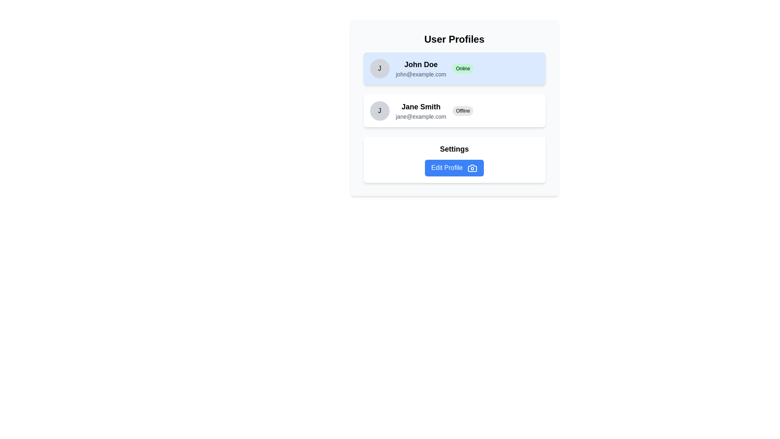 This screenshot has width=780, height=439. Describe the element at coordinates (421, 64) in the screenshot. I see `the text label displaying the user's name, which is positioned above the email address and to the right of the circular avatar marked with the initial 'J' in the 'User Profiles' section` at that location.